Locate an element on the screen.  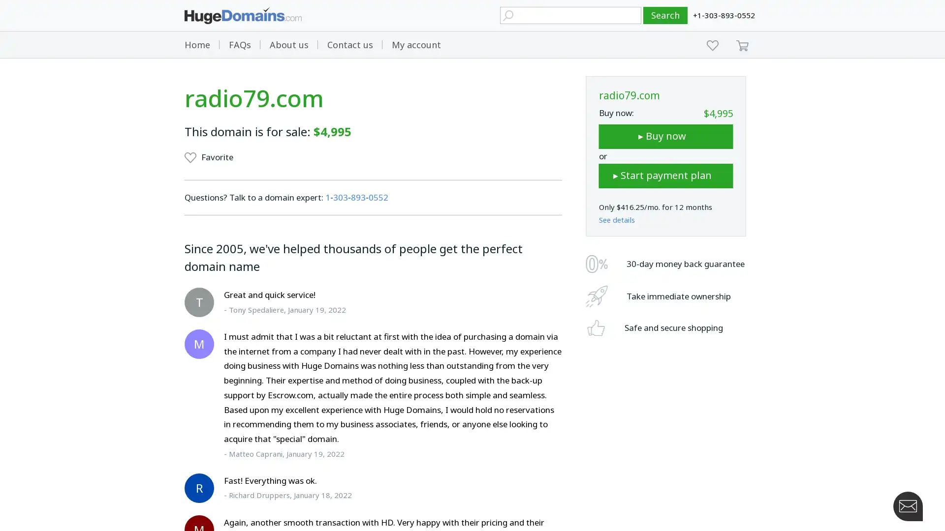
Search is located at coordinates (665, 15).